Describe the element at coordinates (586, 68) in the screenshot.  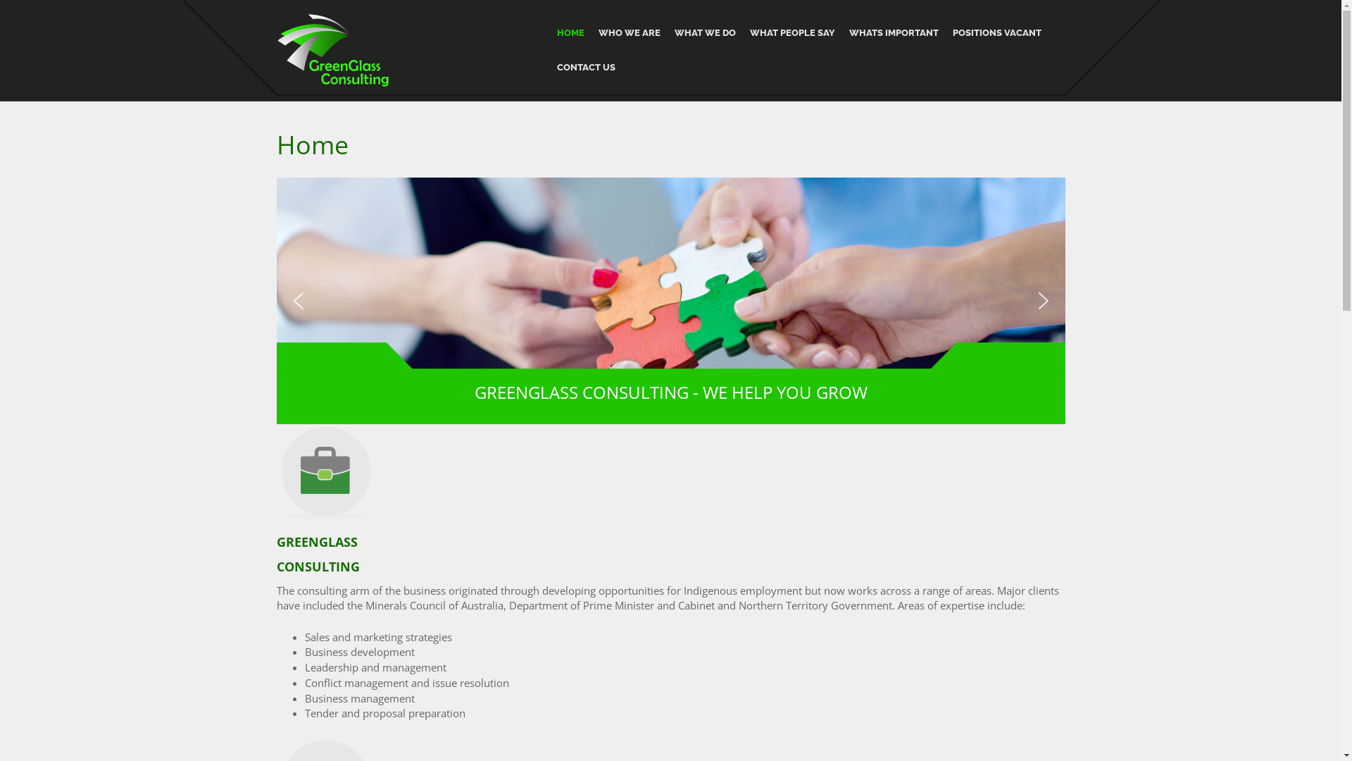
I see `'CONTACT US'` at that location.